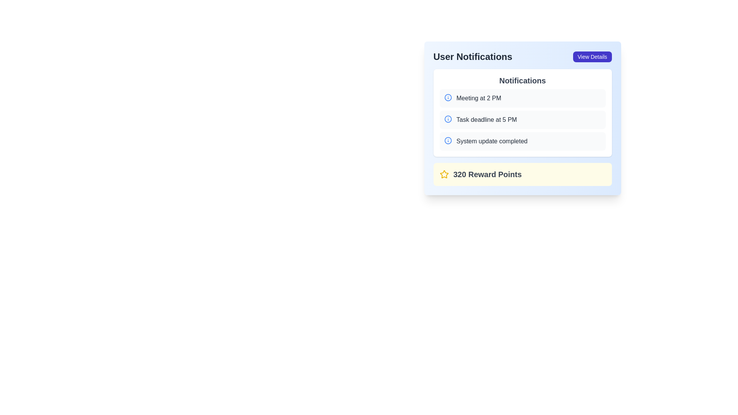 The width and height of the screenshot is (738, 415). Describe the element at coordinates (487, 174) in the screenshot. I see `the Text Label displaying '320 Reward Points' which is located at the bottom section of a notification card, aligned to the right of a yellow star-shaped icon` at that location.